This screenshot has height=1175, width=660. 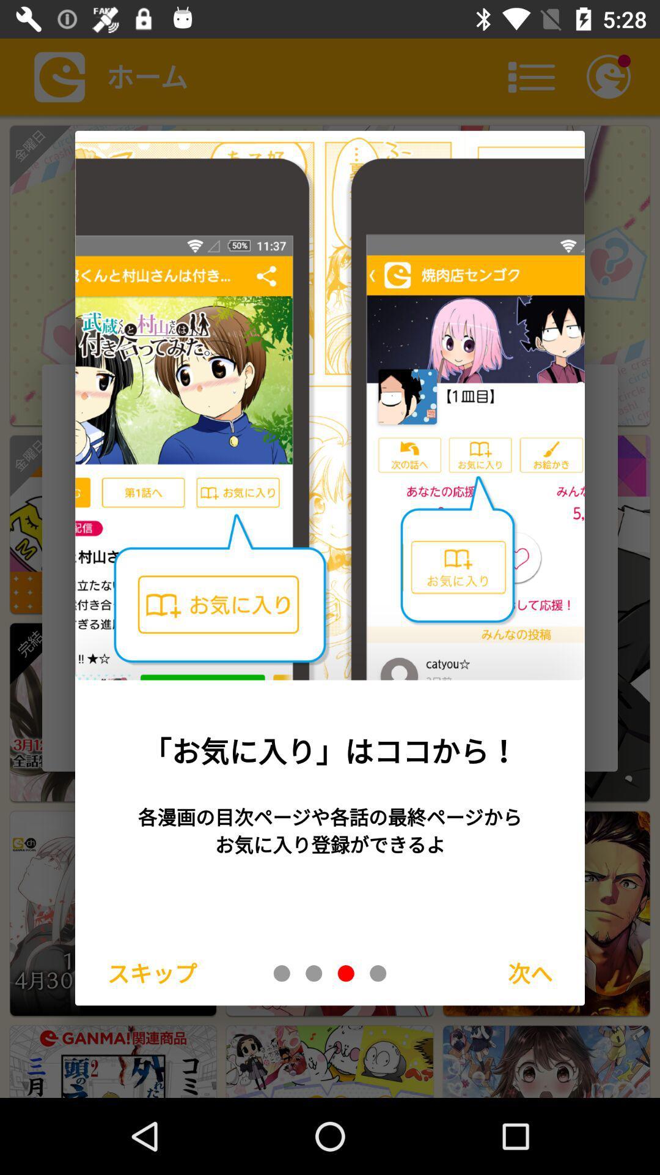 I want to click on current page, so click(x=346, y=972).